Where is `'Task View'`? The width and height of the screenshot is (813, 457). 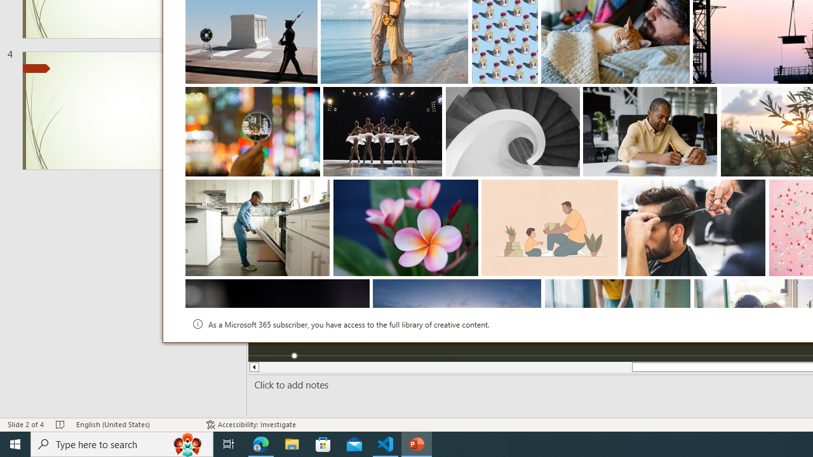 'Task View' is located at coordinates (228, 443).